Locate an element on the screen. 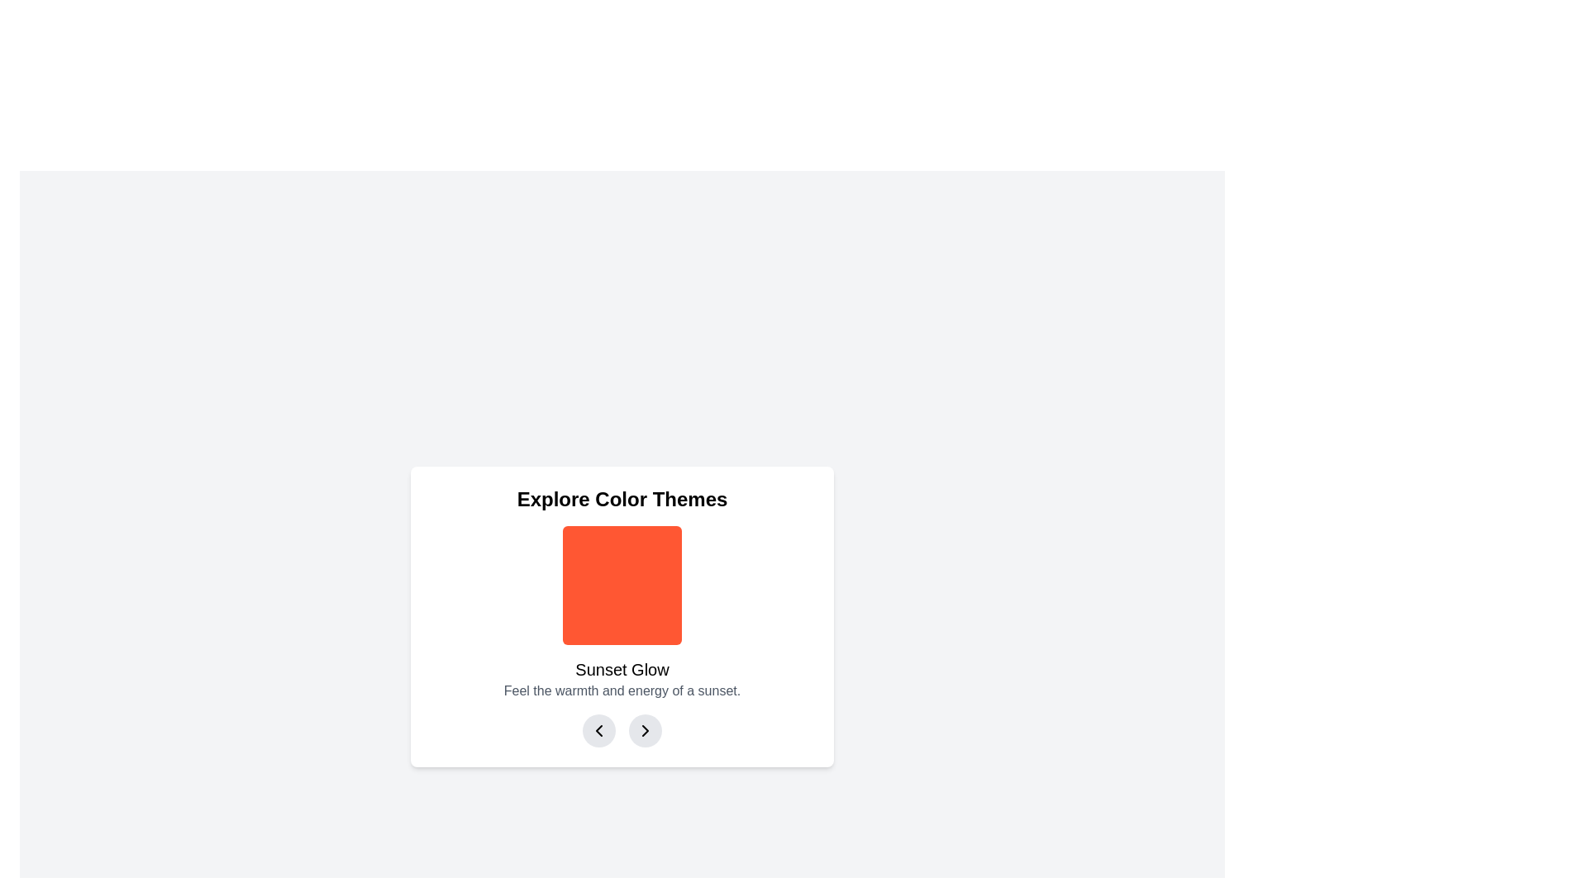  the navigation arrows in the 'Explore Color Themes' section for accessibility interactions is located at coordinates (622, 729).